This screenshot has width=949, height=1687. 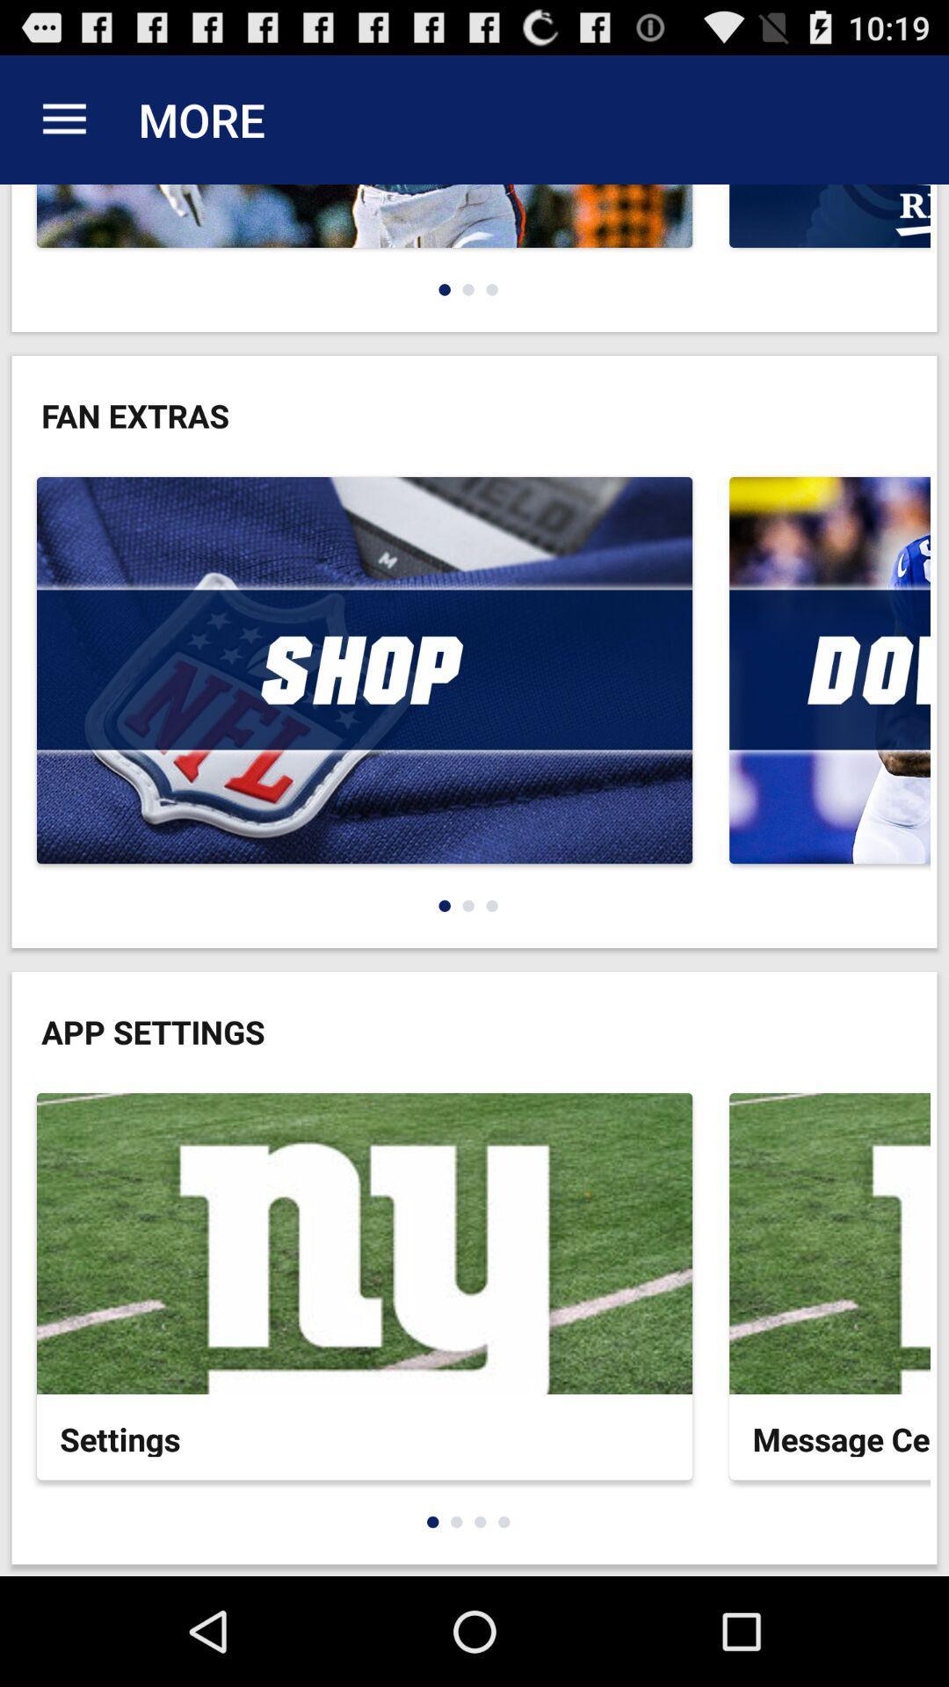 I want to click on app to the left of more app, so click(x=63, y=119).